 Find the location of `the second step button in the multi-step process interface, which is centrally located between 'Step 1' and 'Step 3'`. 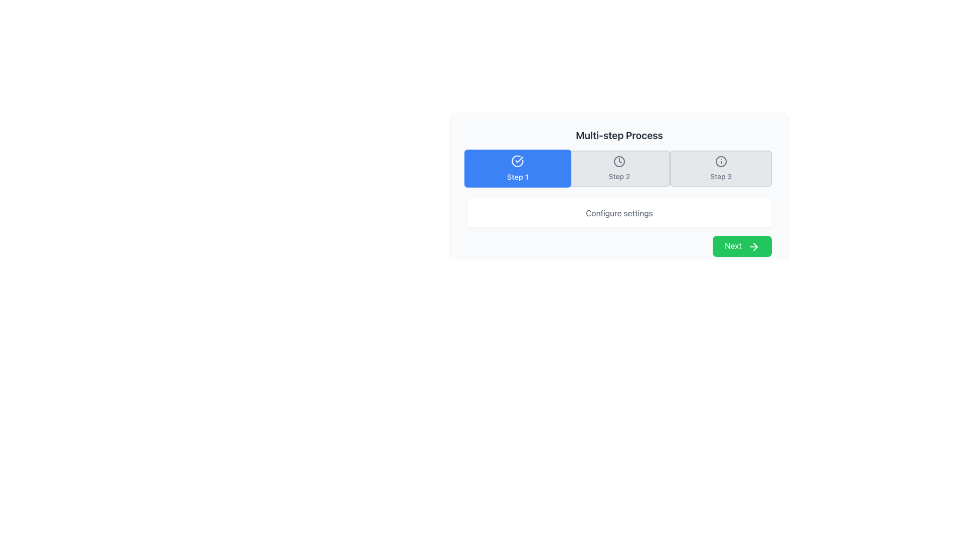

the second step button in the multi-step process interface, which is centrally located between 'Step 1' and 'Step 3' is located at coordinates (618, 168).